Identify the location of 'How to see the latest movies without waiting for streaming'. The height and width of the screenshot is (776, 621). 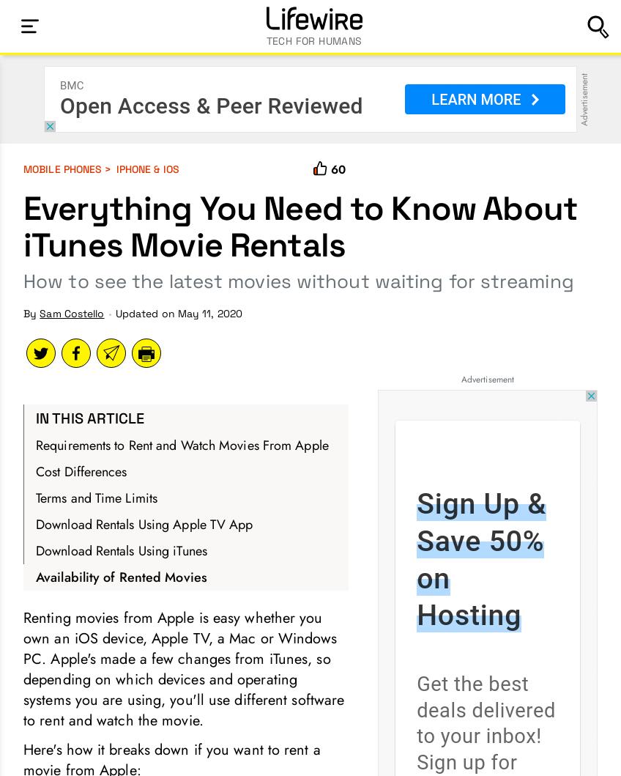
(298, 280).